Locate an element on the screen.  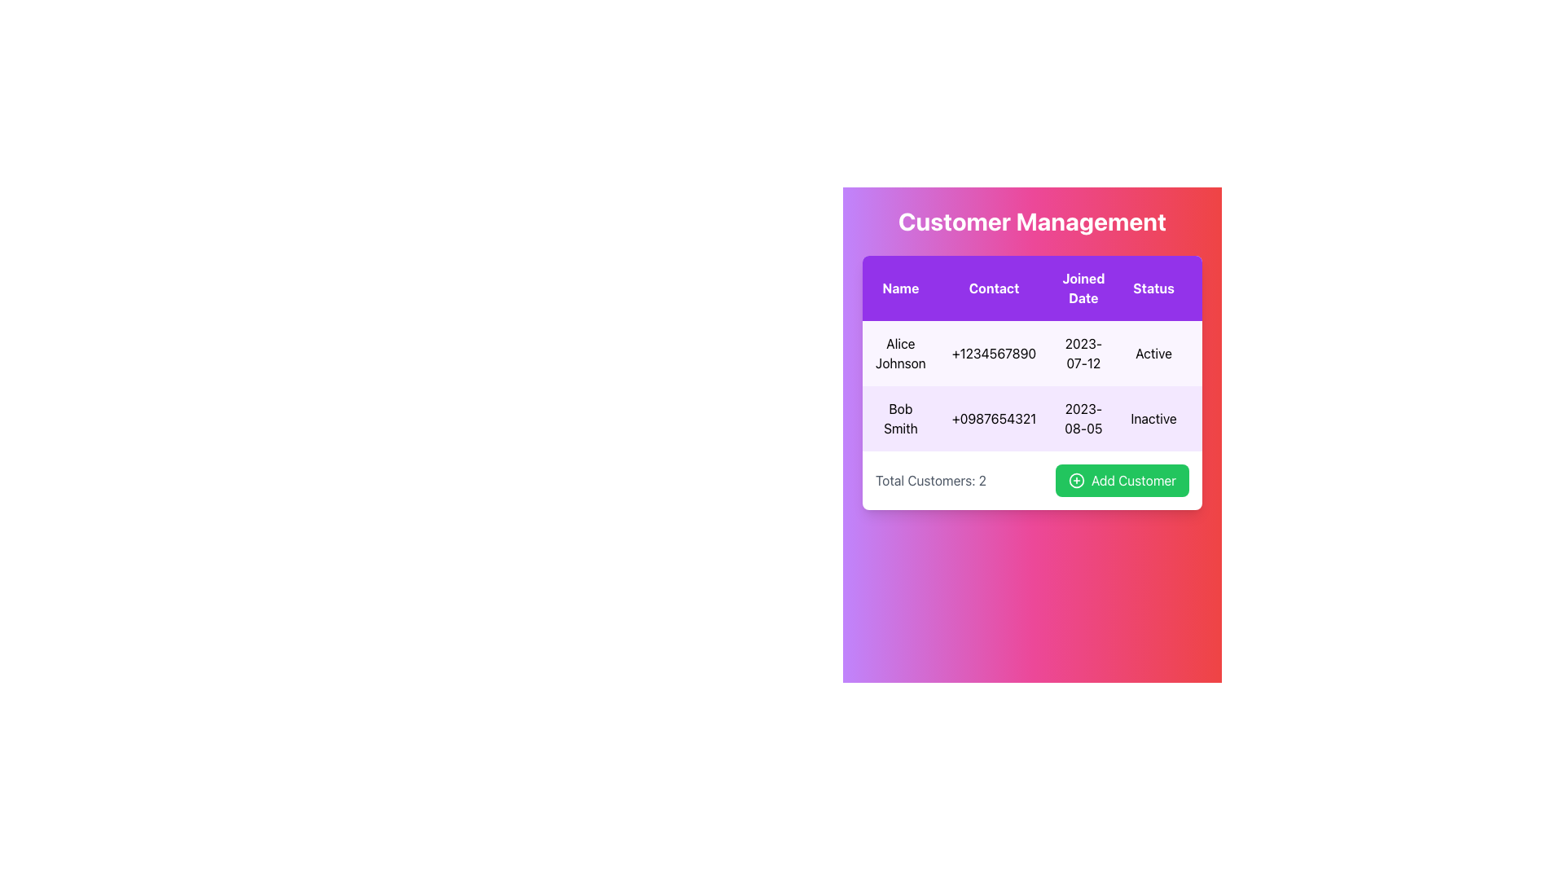
the 'Inactive' text label, which is displayed in black font on a light purple background, located at the bottom-right of the table row for user 'Bob Smith' in the 'Status' column is located at coordinates (1153, 417).